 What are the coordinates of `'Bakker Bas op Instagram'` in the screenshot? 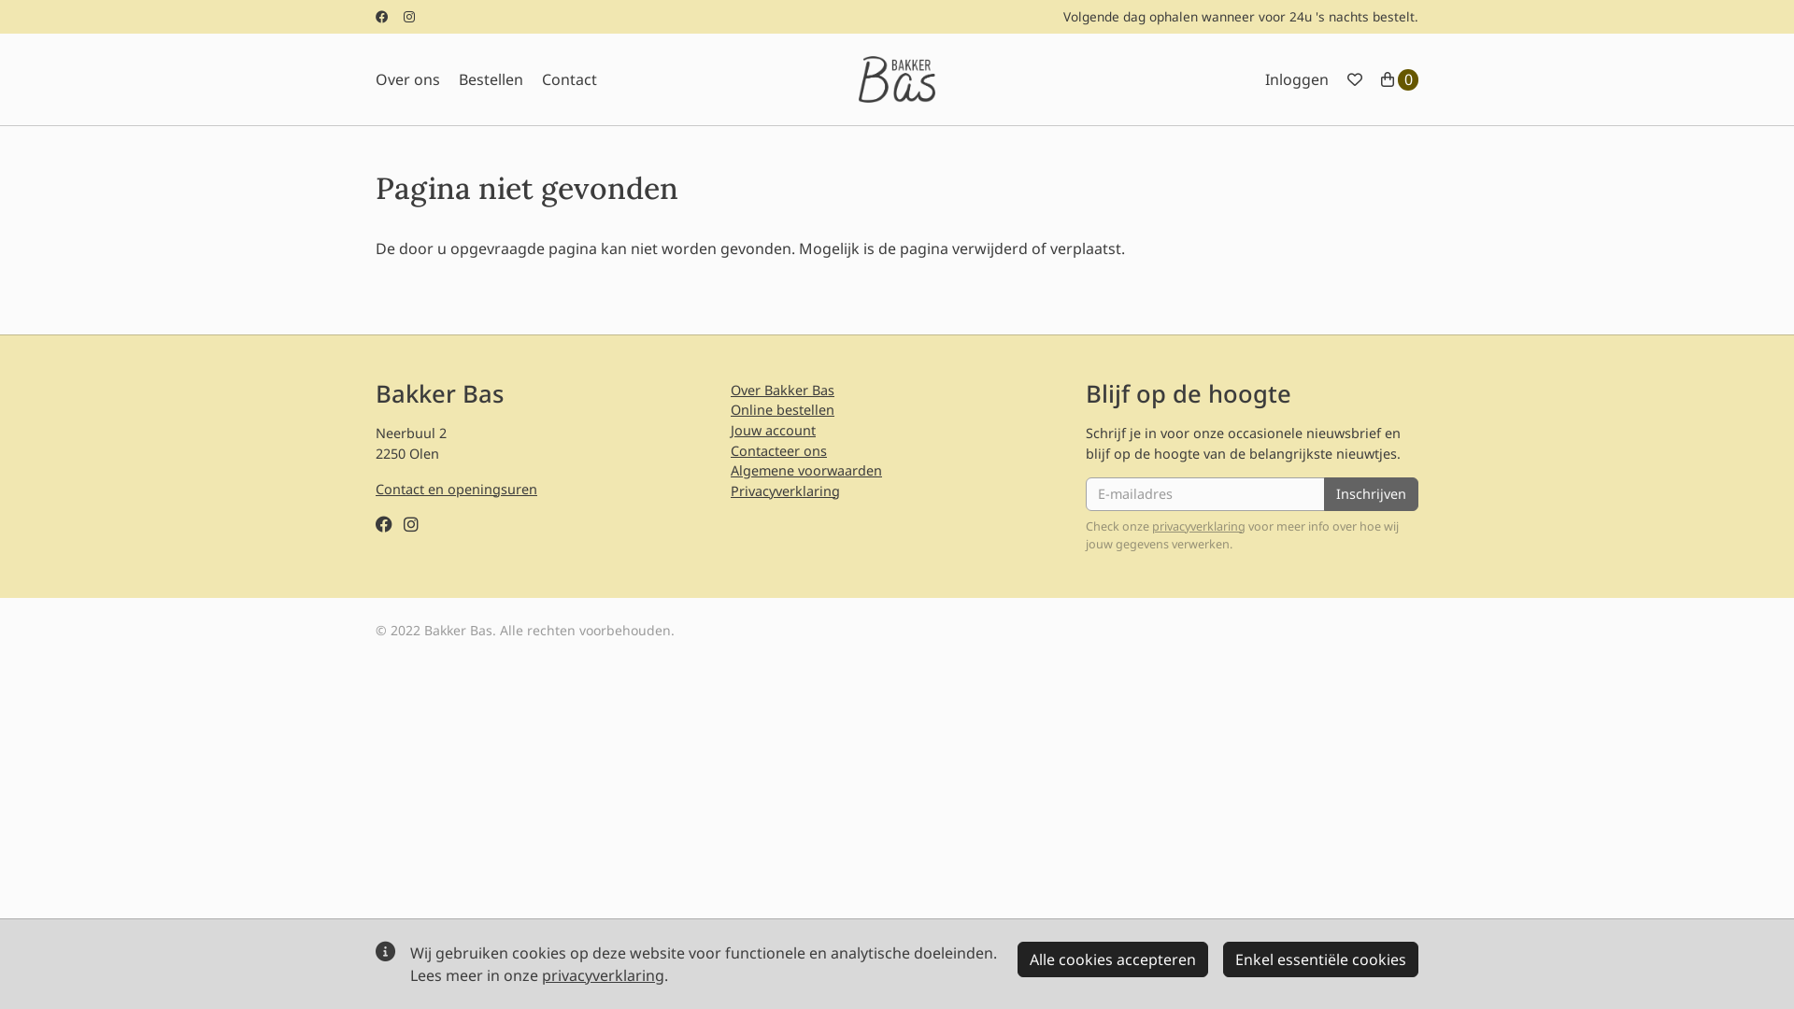 It's located at (403, 17).